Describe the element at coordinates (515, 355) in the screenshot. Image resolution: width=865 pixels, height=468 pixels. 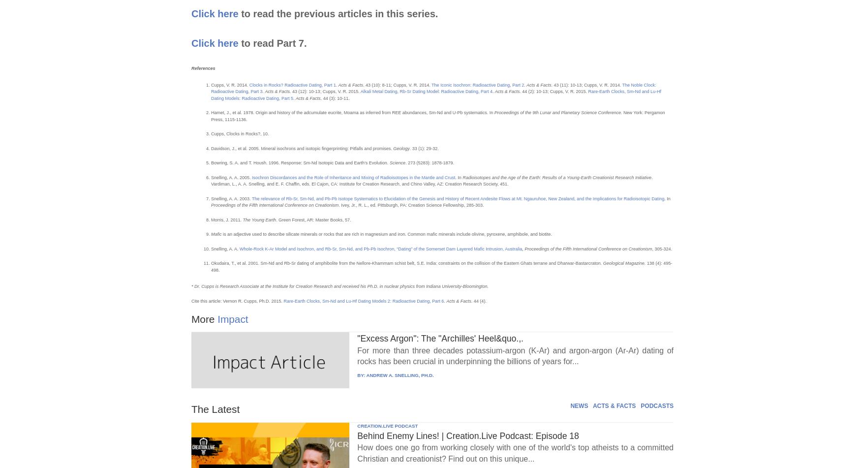
I see `'For more than three decades potassium-argon (K-Ar) and argon-argon (Ar-Ar) dating of rocks has been crucial in underpinning the billions of years for...'` at that location.